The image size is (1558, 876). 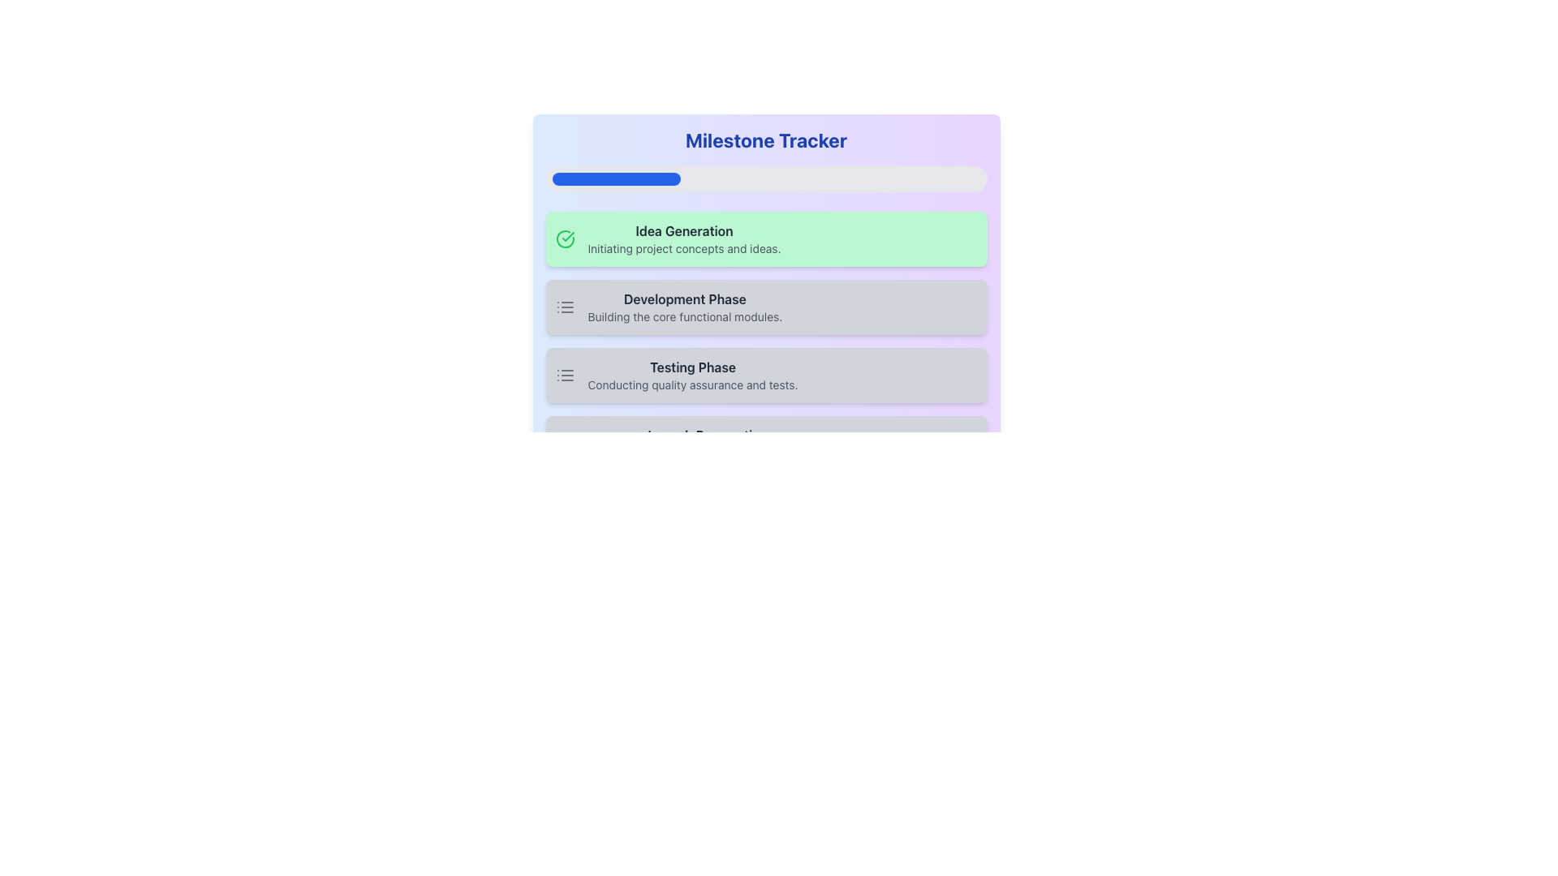 What do you see at coordinates (685, 307) in the screenshot?
I see `the Text display element titled 'Development Phase' which features bold, dark gray text and is located within the second card of the milestone phases list` at bounding box center [685, 307].